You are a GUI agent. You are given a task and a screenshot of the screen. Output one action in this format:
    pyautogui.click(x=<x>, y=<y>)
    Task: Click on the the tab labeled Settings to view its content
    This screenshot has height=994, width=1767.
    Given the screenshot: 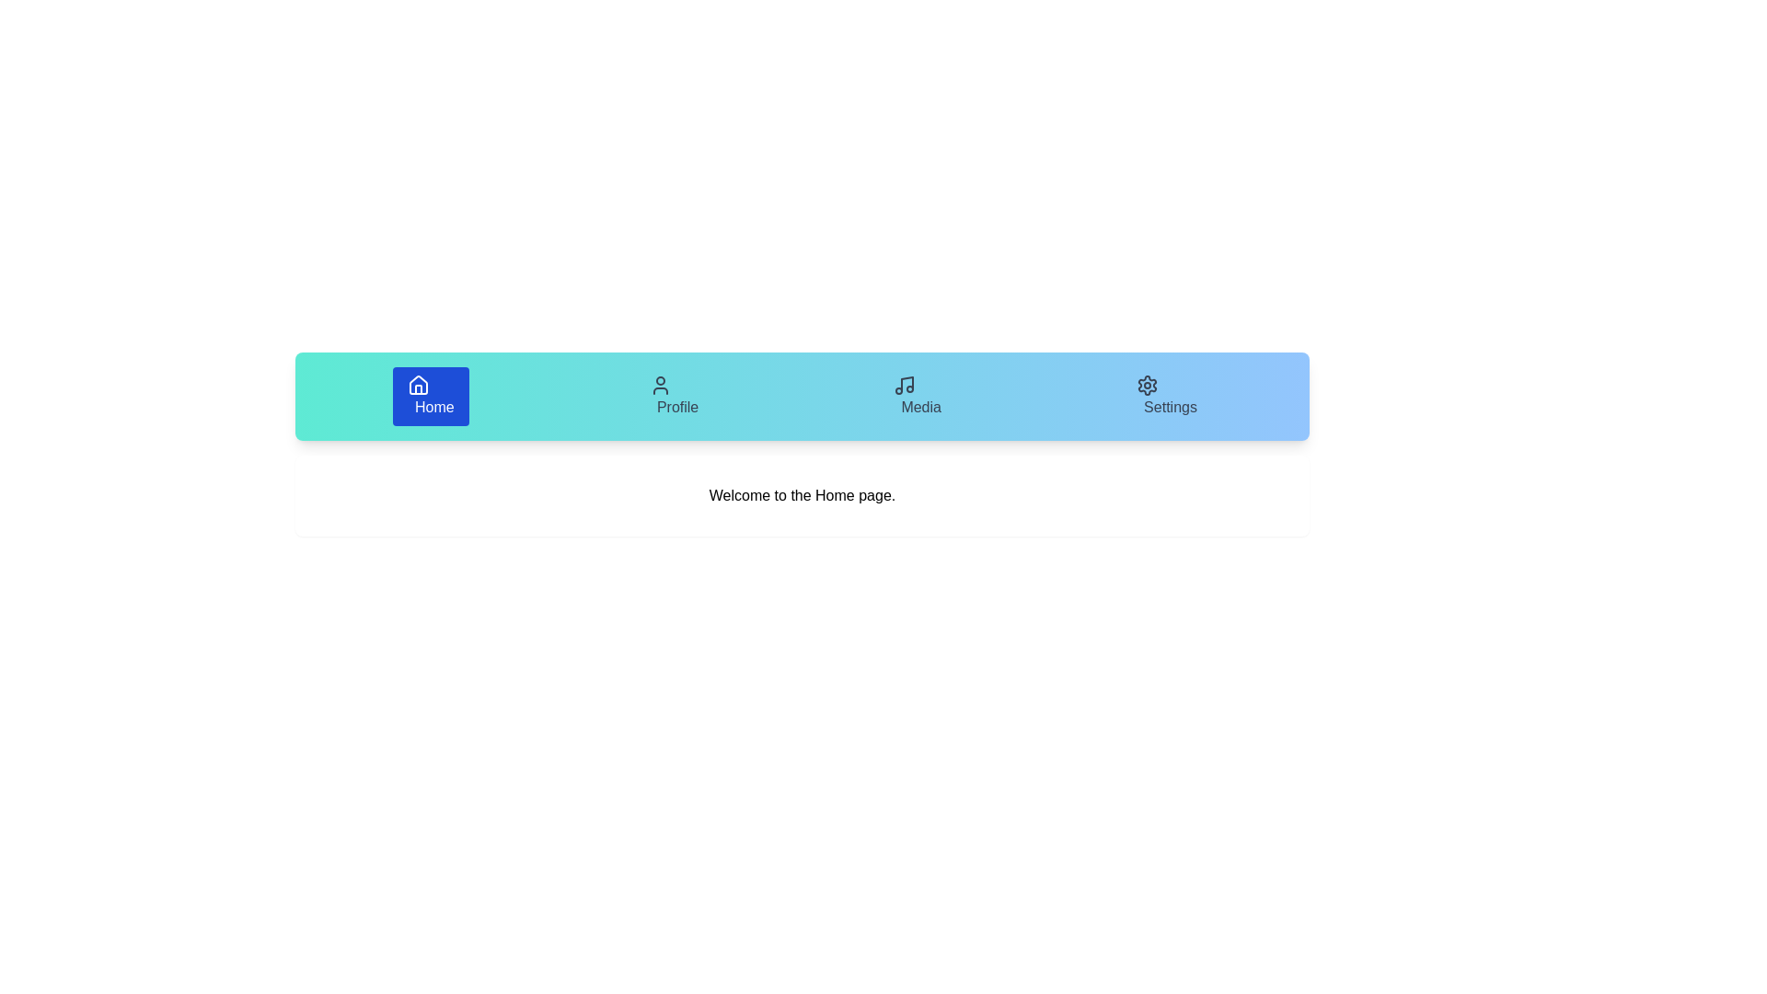 What is the action you would take?
    pyautogui.click(x=1165, y=396)
    